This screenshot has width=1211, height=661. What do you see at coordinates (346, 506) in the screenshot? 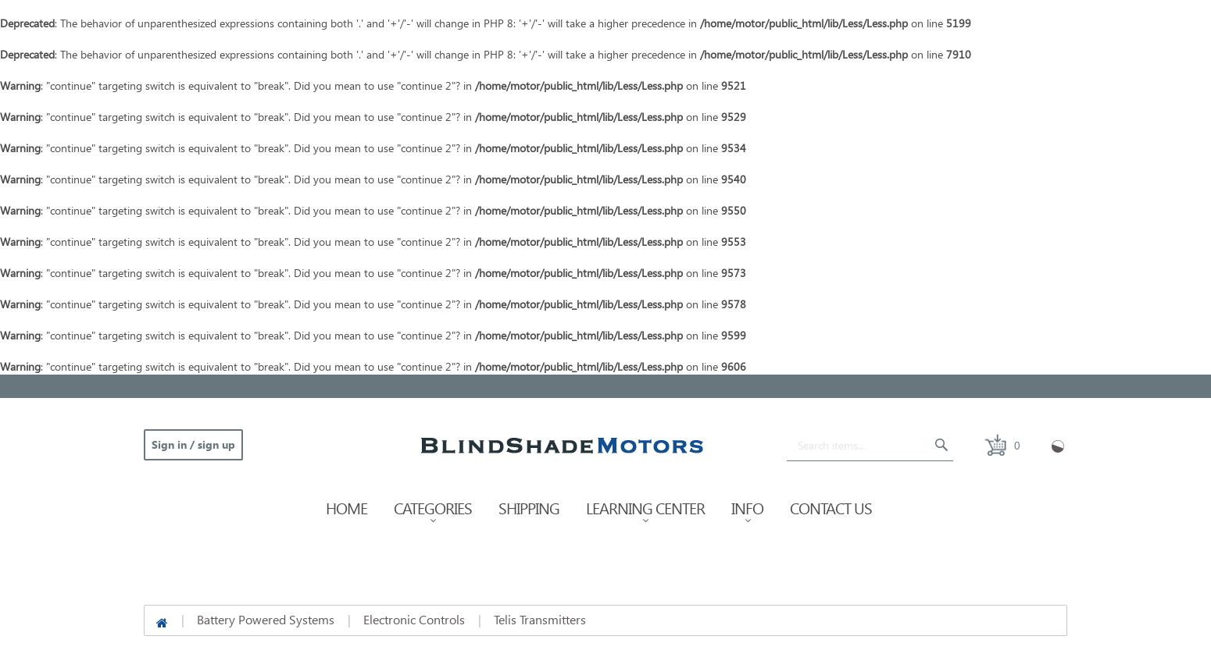
I see `'Home'` at bounding box center [346, 506].